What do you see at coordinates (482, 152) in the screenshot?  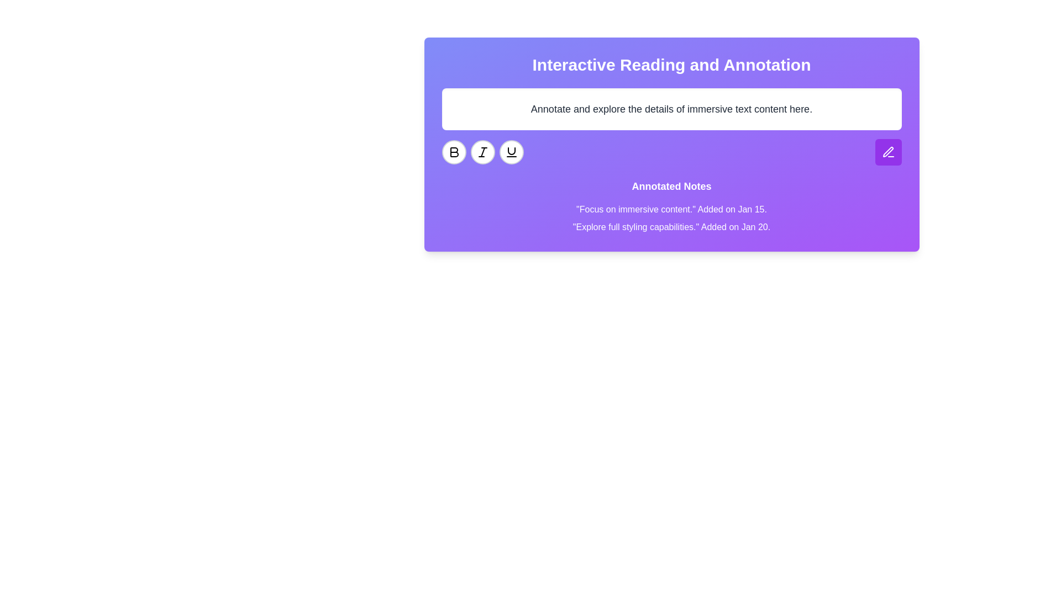 I see `the circular button with an italicized 'I' icon at its center to apply italic formatting` at bounding box center [482, 152].